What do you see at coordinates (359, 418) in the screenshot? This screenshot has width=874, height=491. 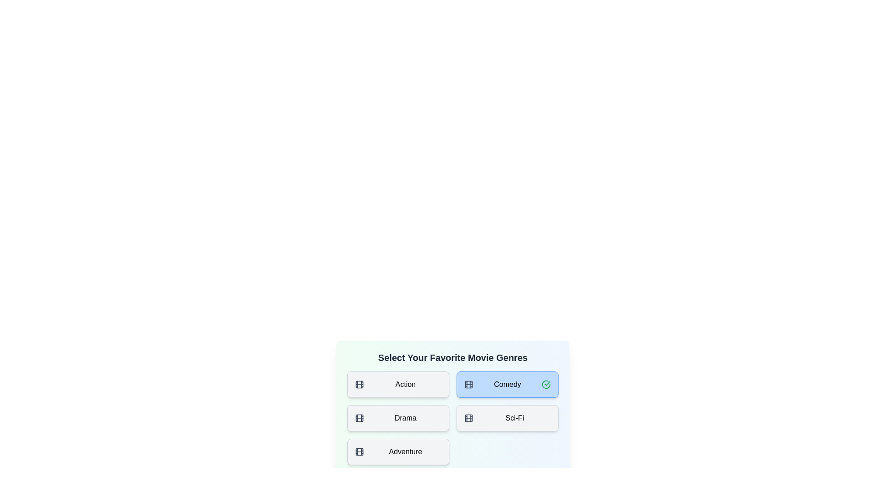 I see `the icon for the genre Drama` at bounding box center [359, 418].